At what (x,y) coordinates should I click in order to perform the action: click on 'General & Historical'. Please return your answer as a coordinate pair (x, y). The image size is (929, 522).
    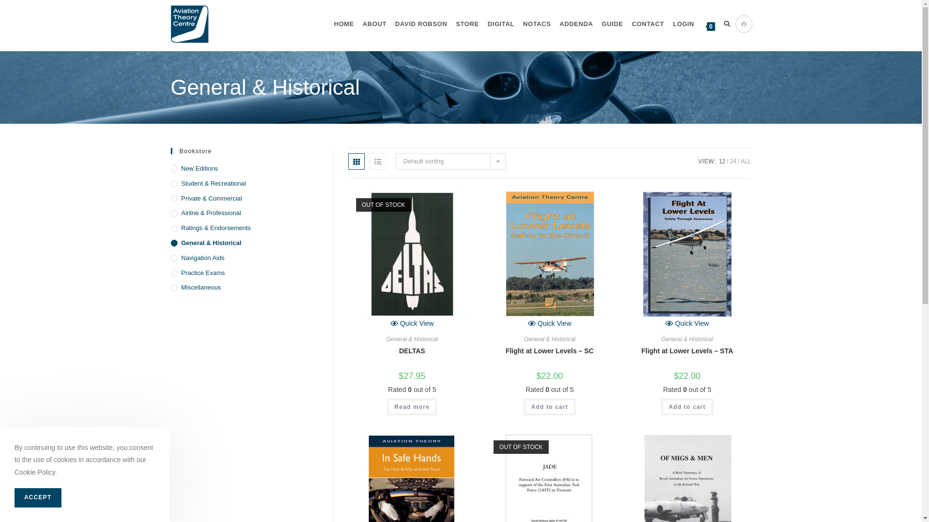
    Looking at the image, I should click on (687, 339).